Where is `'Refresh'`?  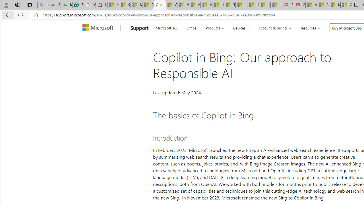
'Refresh' is located at coordinates (20, 14).